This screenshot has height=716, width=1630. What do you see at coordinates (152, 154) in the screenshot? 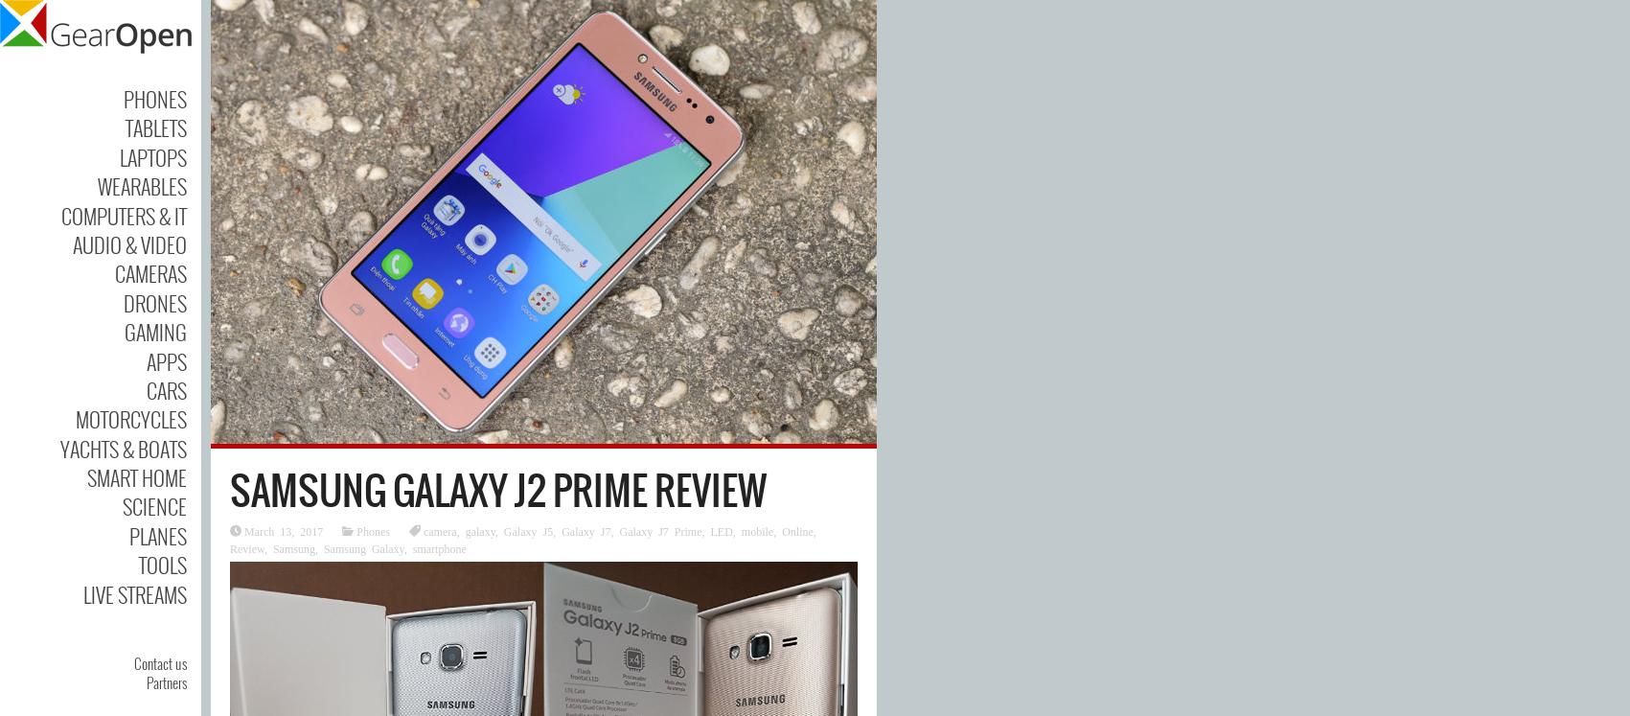
I see `'Laptops'` at bounding box center [152, 154].